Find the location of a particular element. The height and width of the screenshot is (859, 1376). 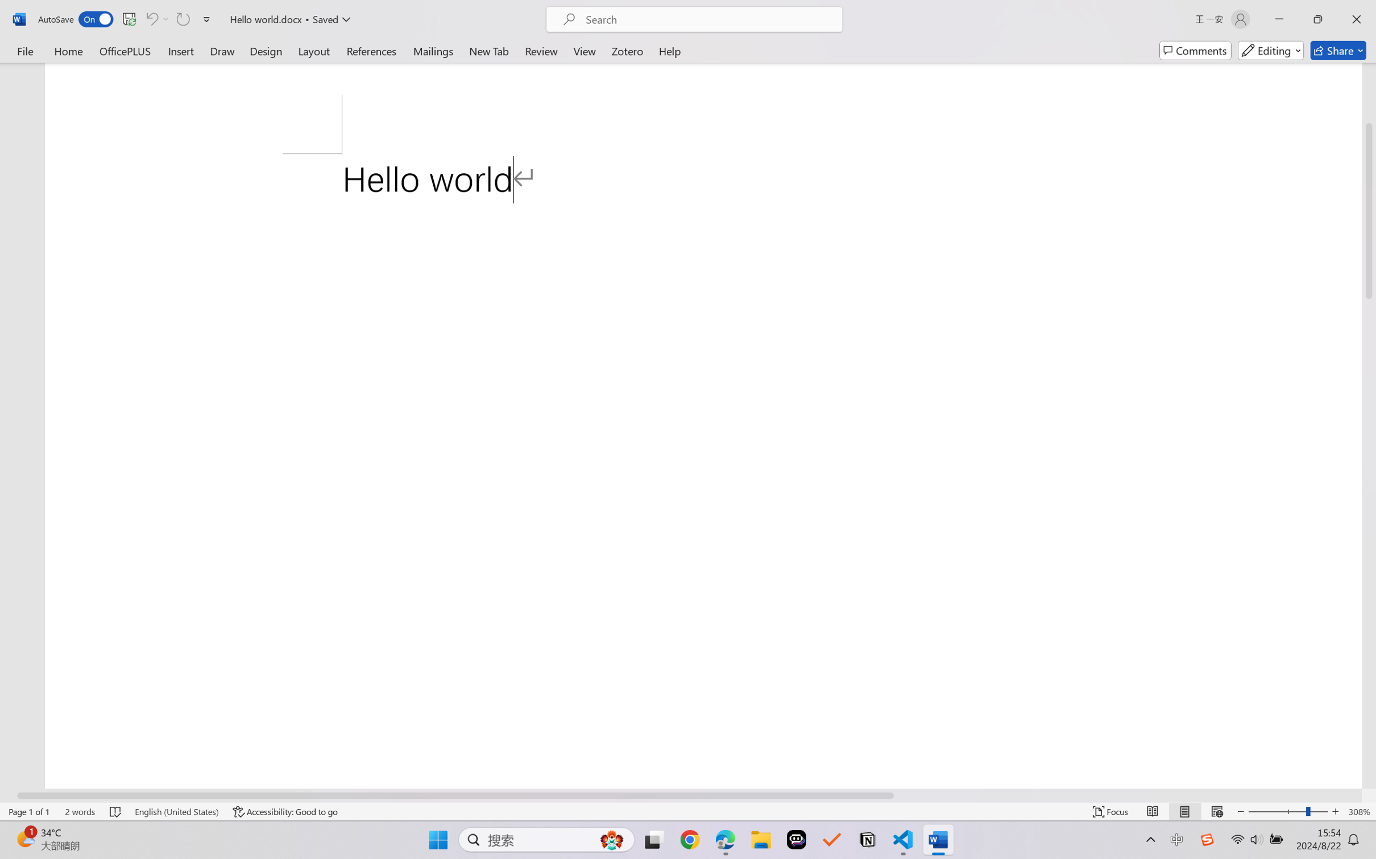

'Microsoft search' is located at coordinates (708, 19).